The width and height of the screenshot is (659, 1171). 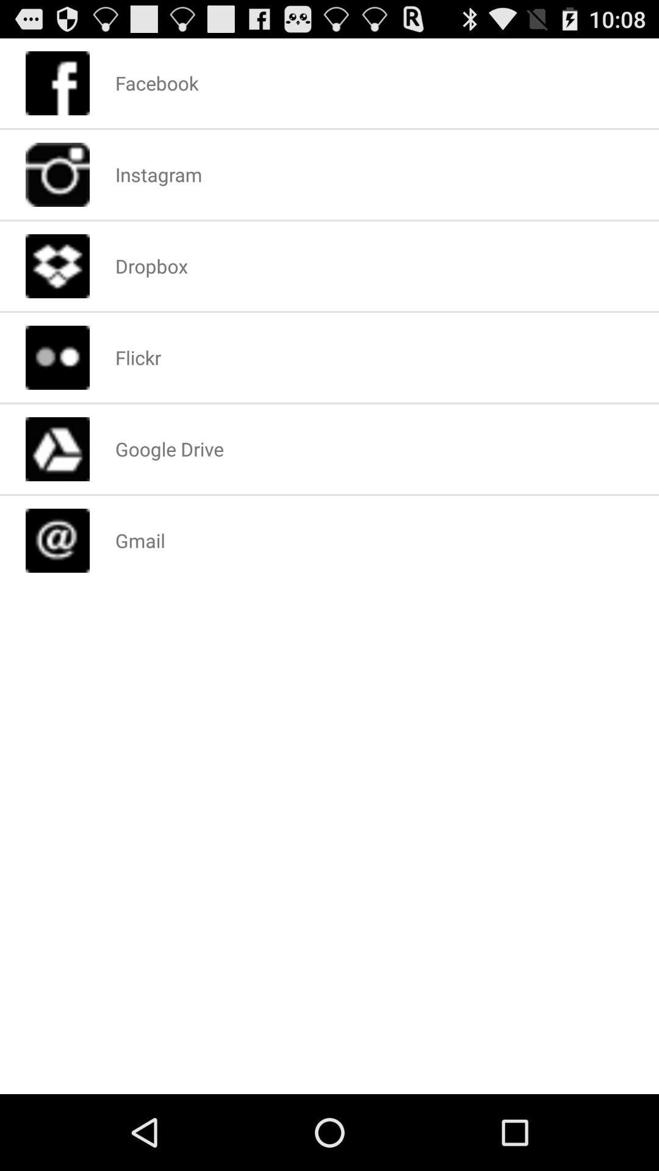 I want to click on item above dropbox app, so click(x=158, y=174).